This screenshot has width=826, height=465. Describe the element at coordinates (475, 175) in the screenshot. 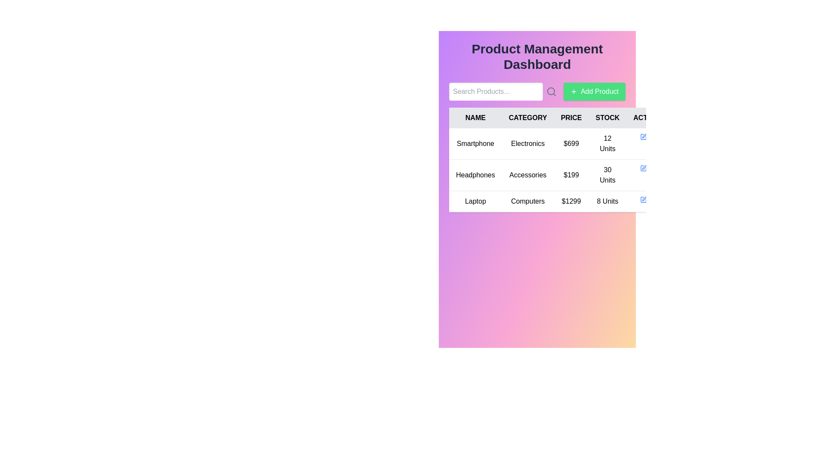

I see `the text label that reads 'Headphones', which is centrally aligned and located in the second row of the product details table under the 'Name' column` at that location.